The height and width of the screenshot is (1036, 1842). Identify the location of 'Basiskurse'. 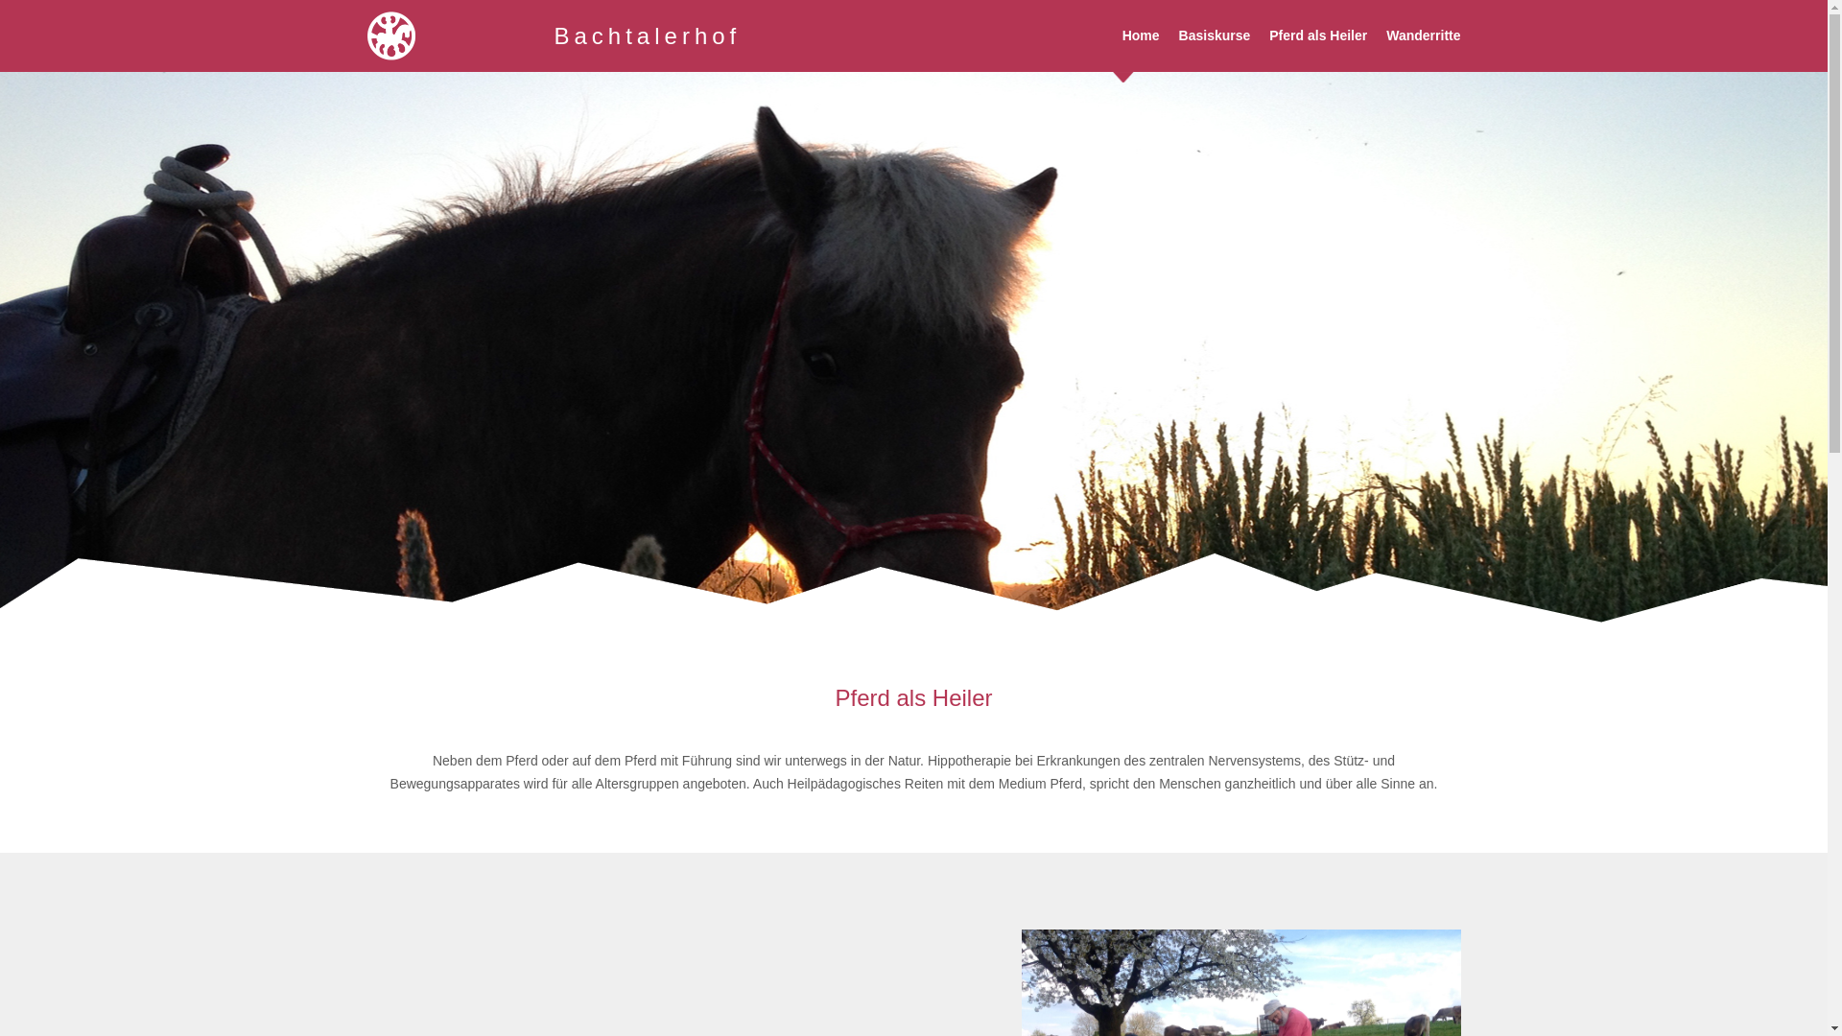
(1214, 35).